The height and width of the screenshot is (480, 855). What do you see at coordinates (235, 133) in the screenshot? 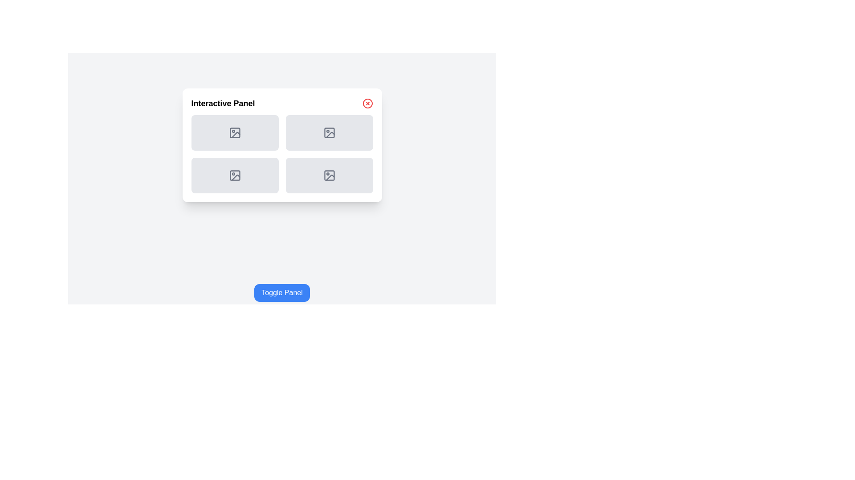
I see `the image upload icon located in the top-left quadrant of a 2x2 button grid within the 'Interactive Panel'` at bounding box center [235, 133].